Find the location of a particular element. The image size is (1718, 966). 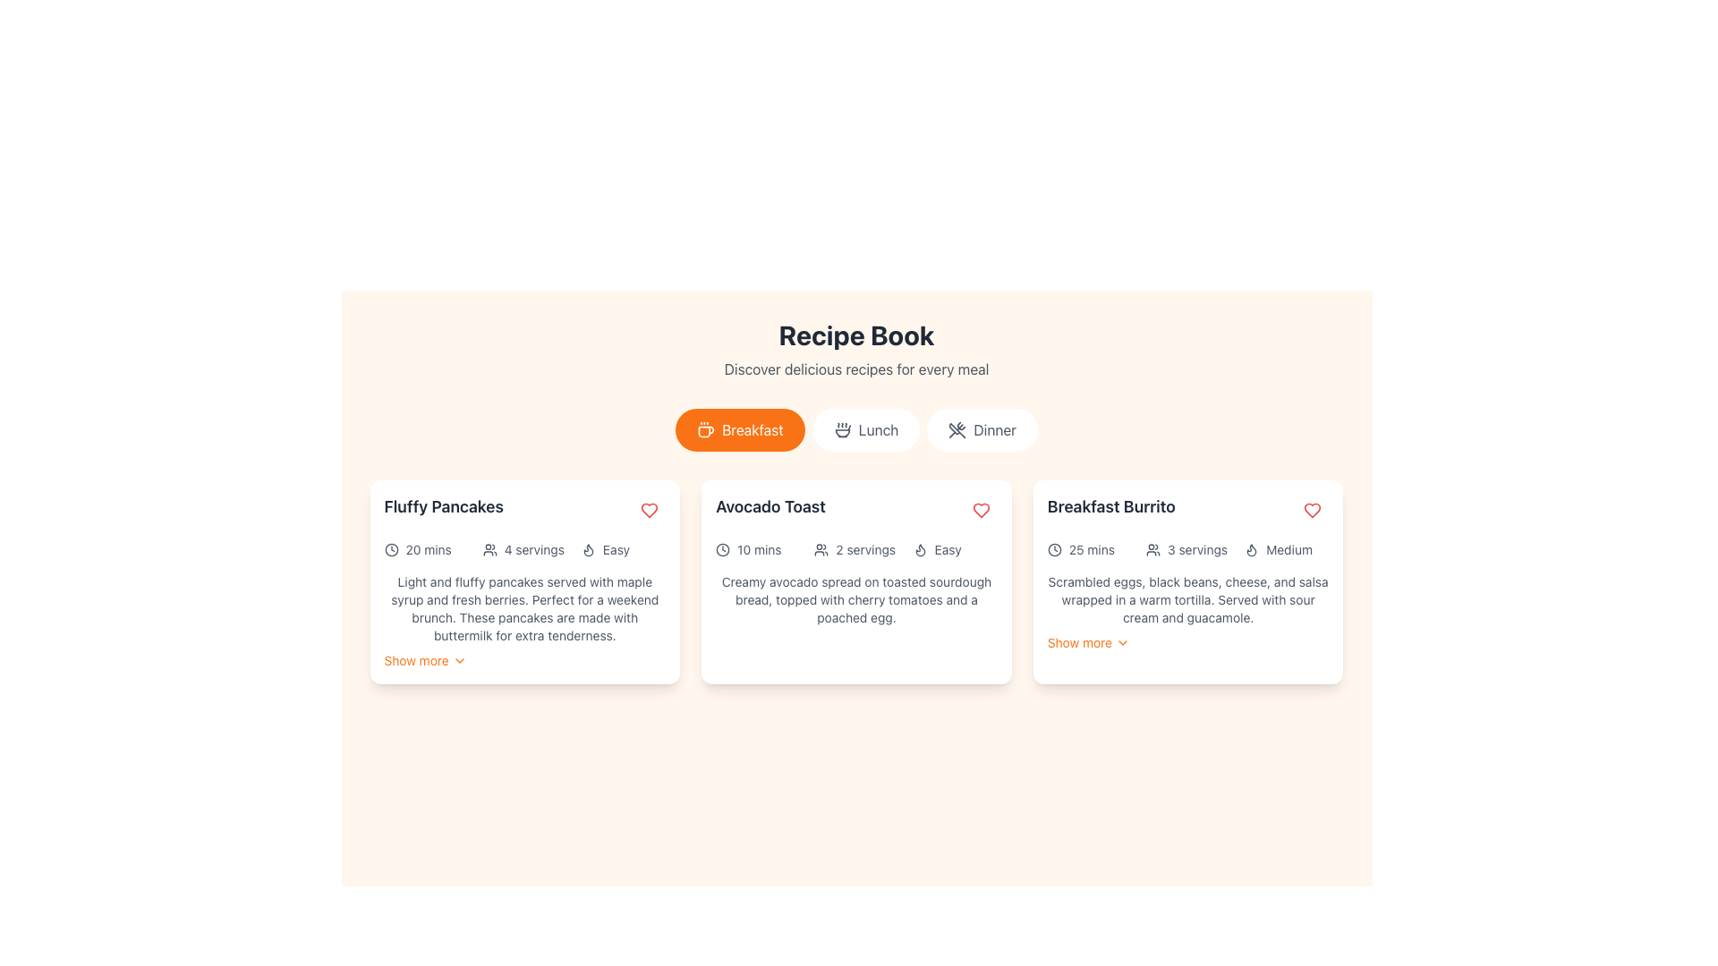

the informational label indicating the difficulty level of the recipe, labeled as 'Easy', located in the bottom row of the leftmost card under 'Fluffy Pancakes' is located at coordinates (623, 548).